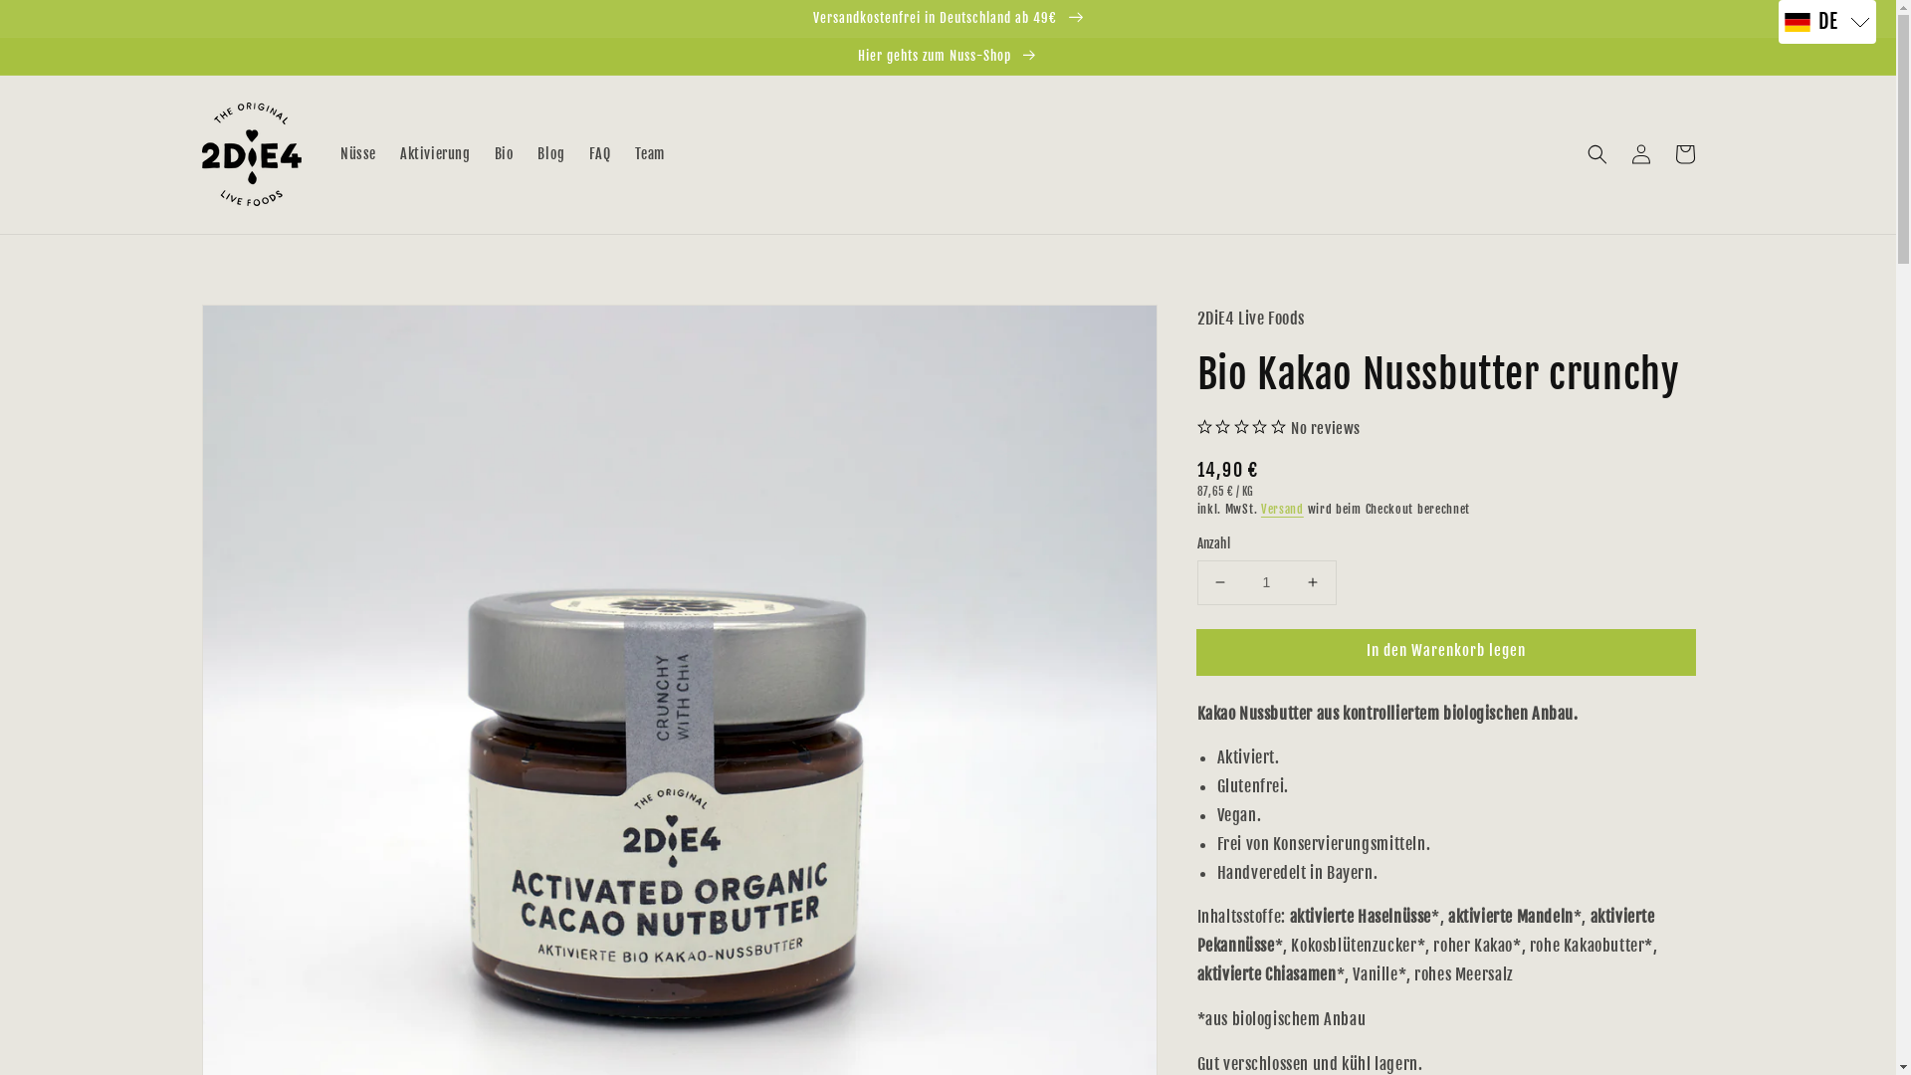 Image resolution: width=1911 pixels, height=1075 pixels. Describe the element at coordinates (1827, 22) in the screenshot. I see `'DE'` at that location.